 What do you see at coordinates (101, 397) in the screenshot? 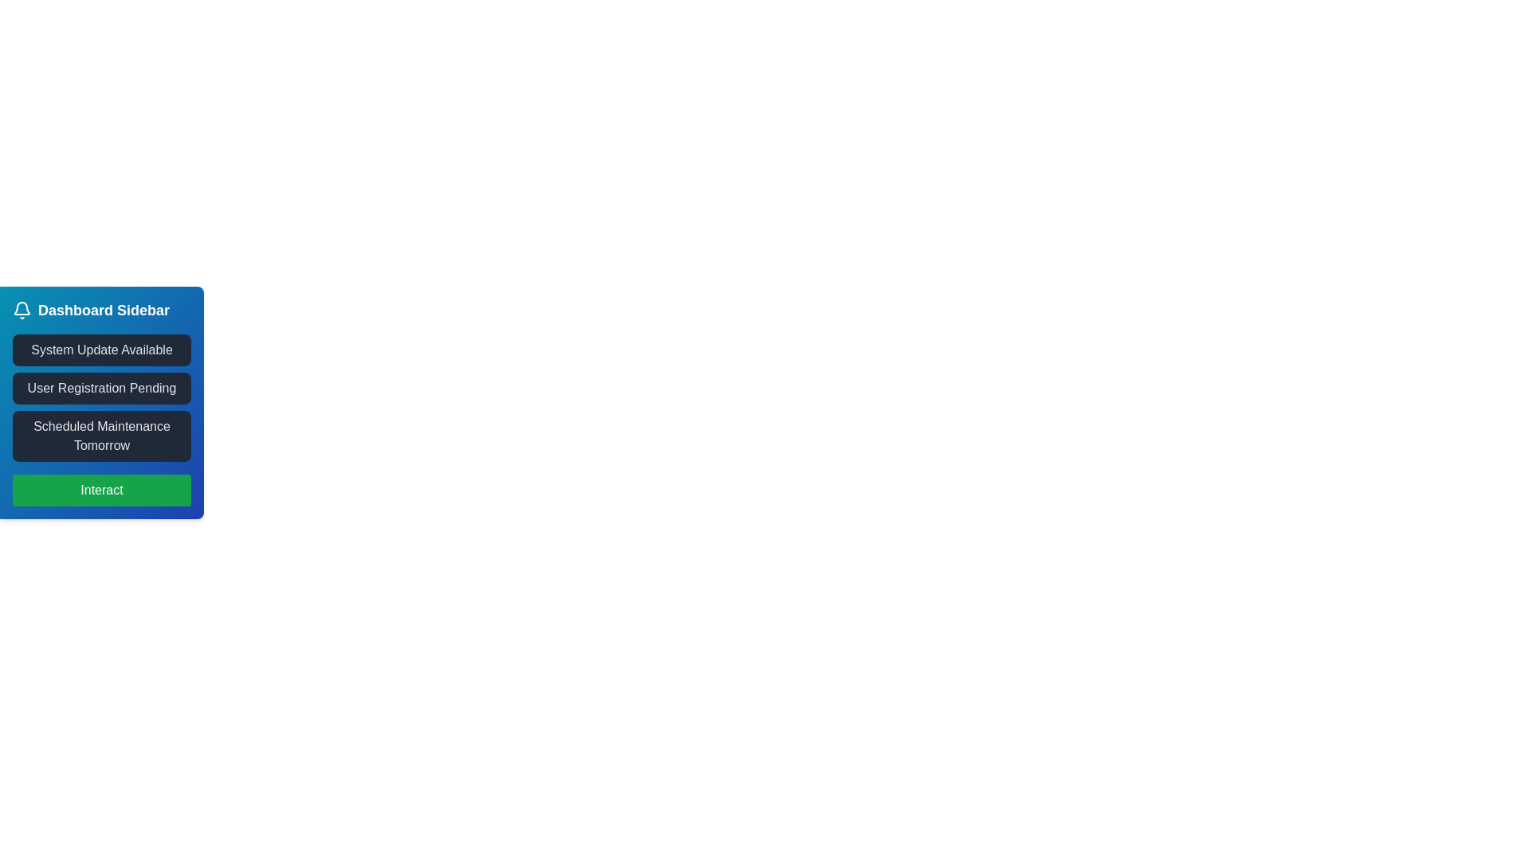
I see `the Static Text Display that shows 'User Registration Pending', which is located in the Dashboard Sidebar between 'System Update Available' and 'Scheduled Maintenance Tomorrow'` at bounding box center [101, 397].